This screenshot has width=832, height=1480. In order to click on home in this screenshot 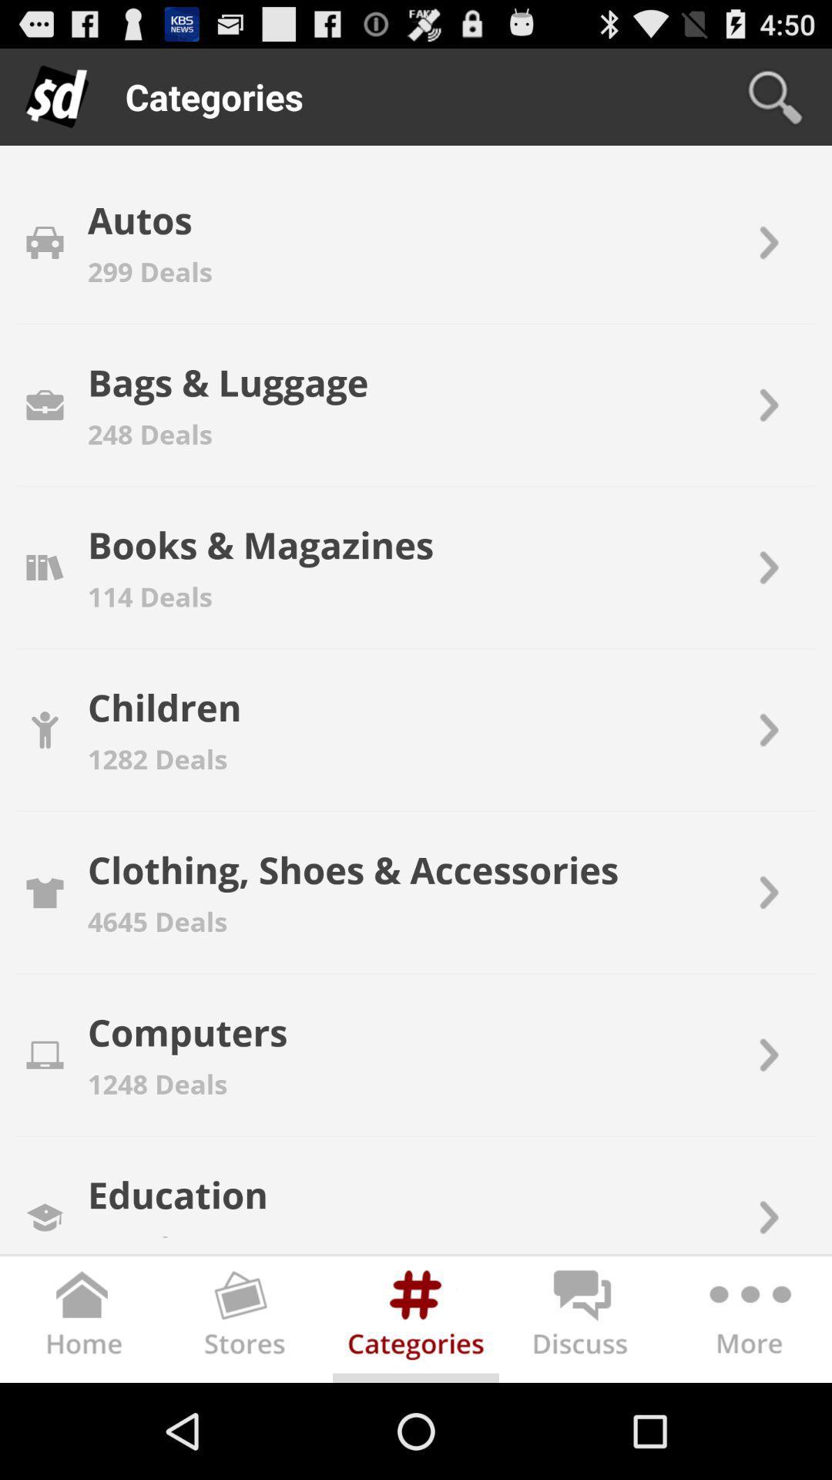, I will do `click(83, 1322)`.